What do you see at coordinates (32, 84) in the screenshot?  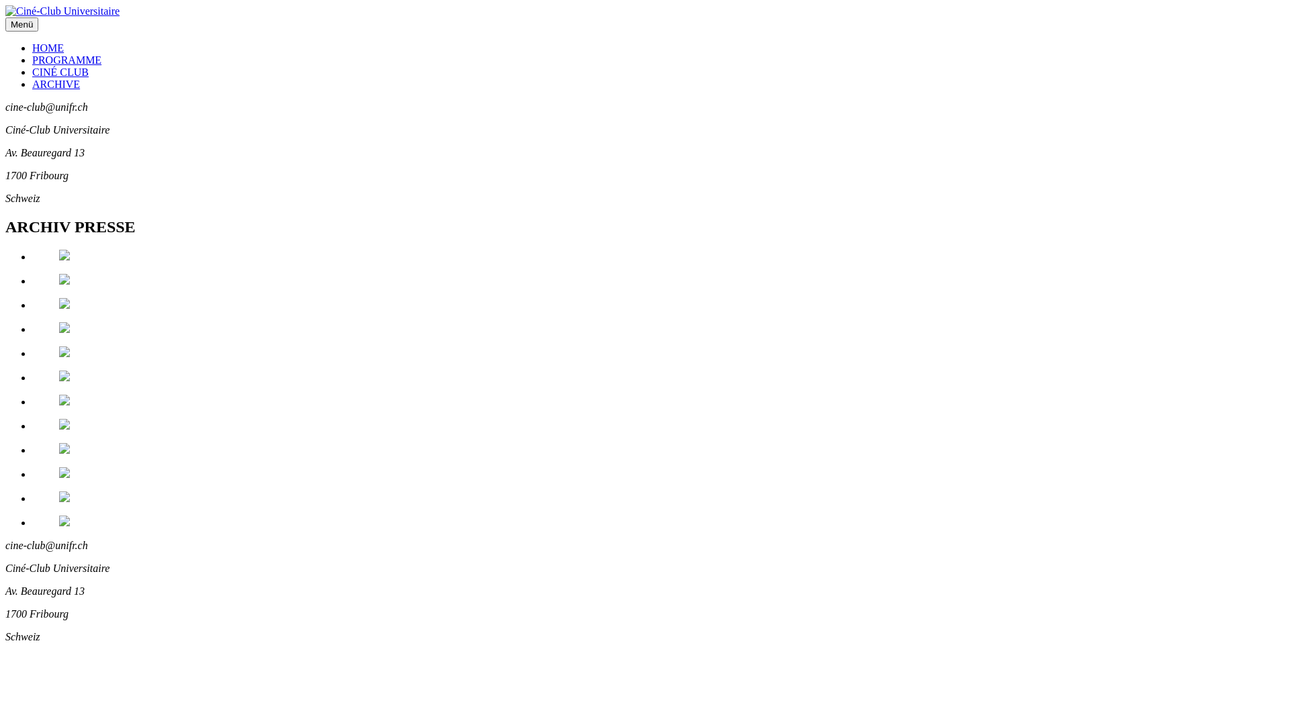 I see `'ARCHIVE'` at bounding box center [32, 84].